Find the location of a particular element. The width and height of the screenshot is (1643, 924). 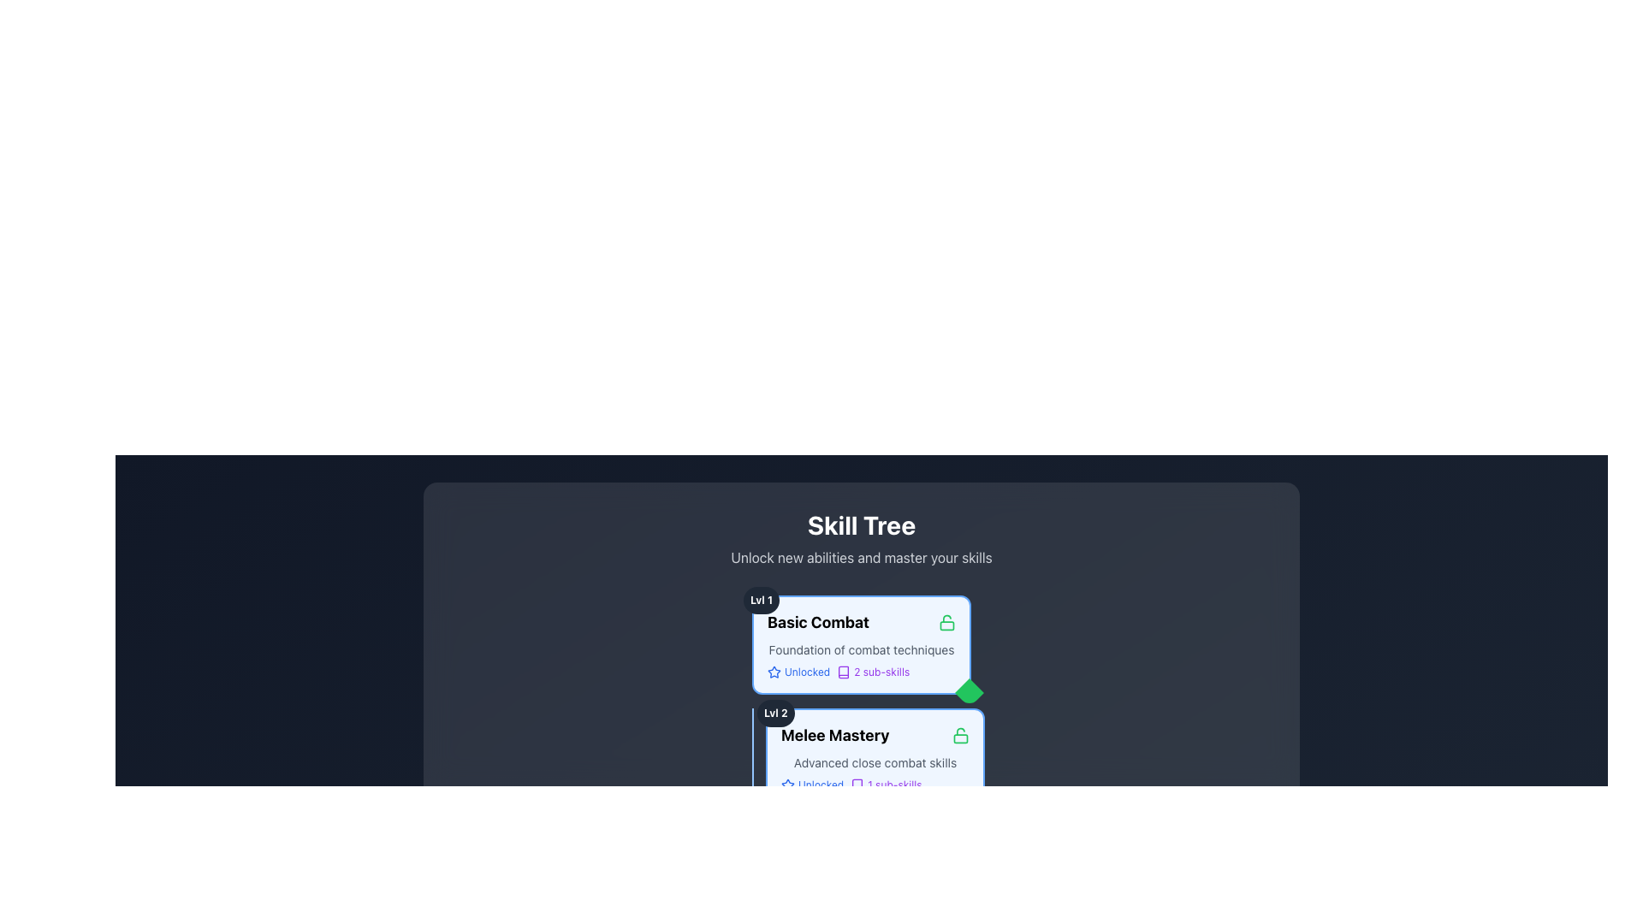

the 'Melee Mastery' label, which is styled boldly in green and accompanied by a lock icon, located at the top of its skill card is located at coordinates (875, 735).